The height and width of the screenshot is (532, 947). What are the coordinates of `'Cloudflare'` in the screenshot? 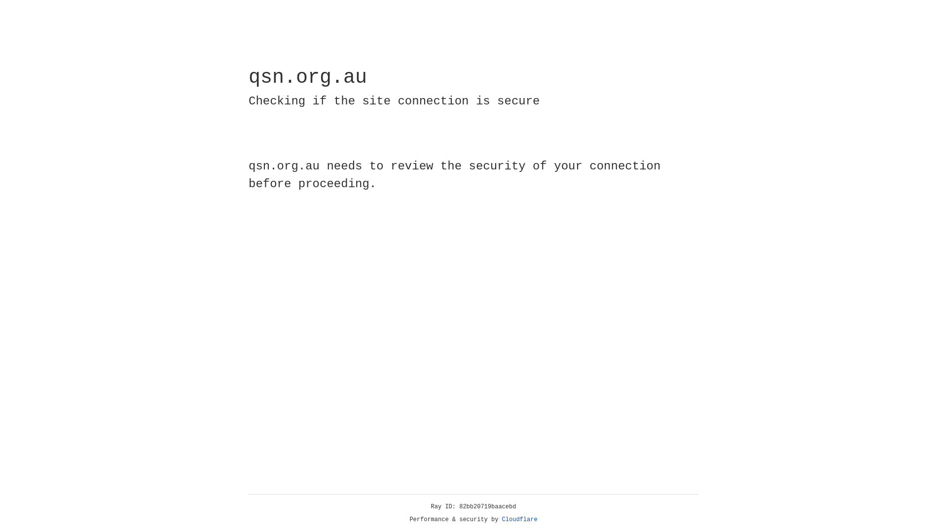 It's located at (519, 519).